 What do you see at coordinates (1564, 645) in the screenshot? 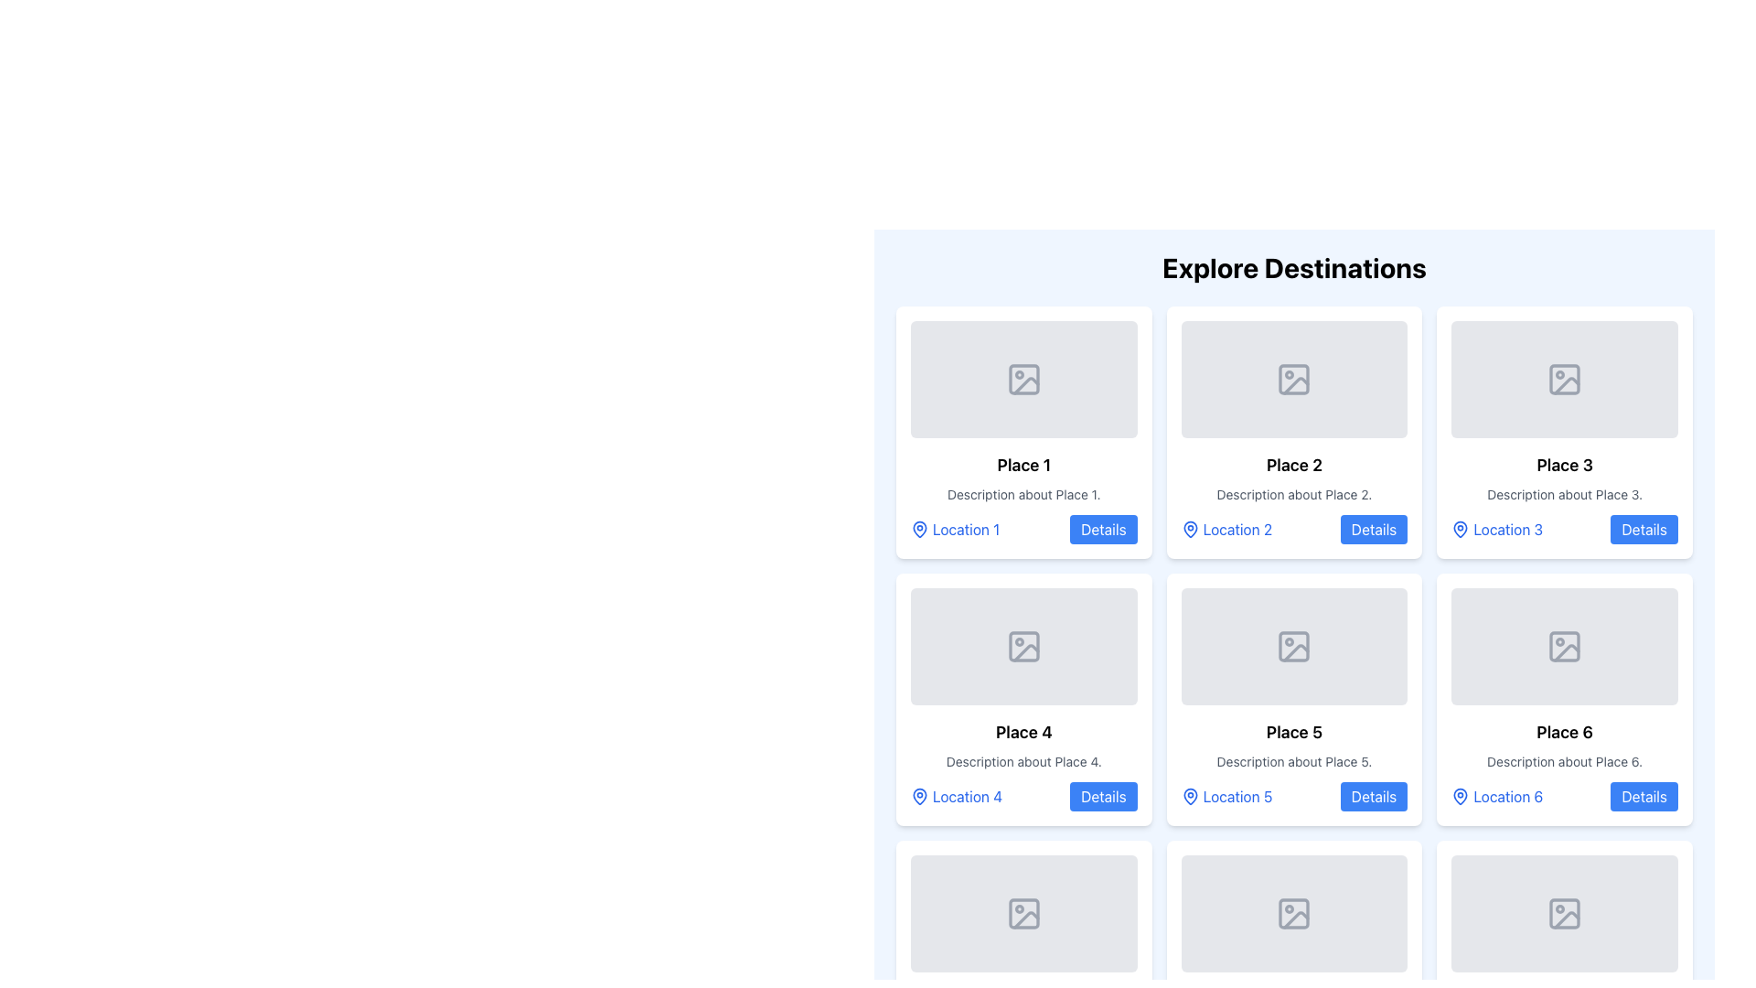
I see `the graphical decor located in the top-left corner of the placeholder image icon within the card labeled 'Place 6' in the bottom-right corner of the grid layout` at bounding box center [1564, 645].